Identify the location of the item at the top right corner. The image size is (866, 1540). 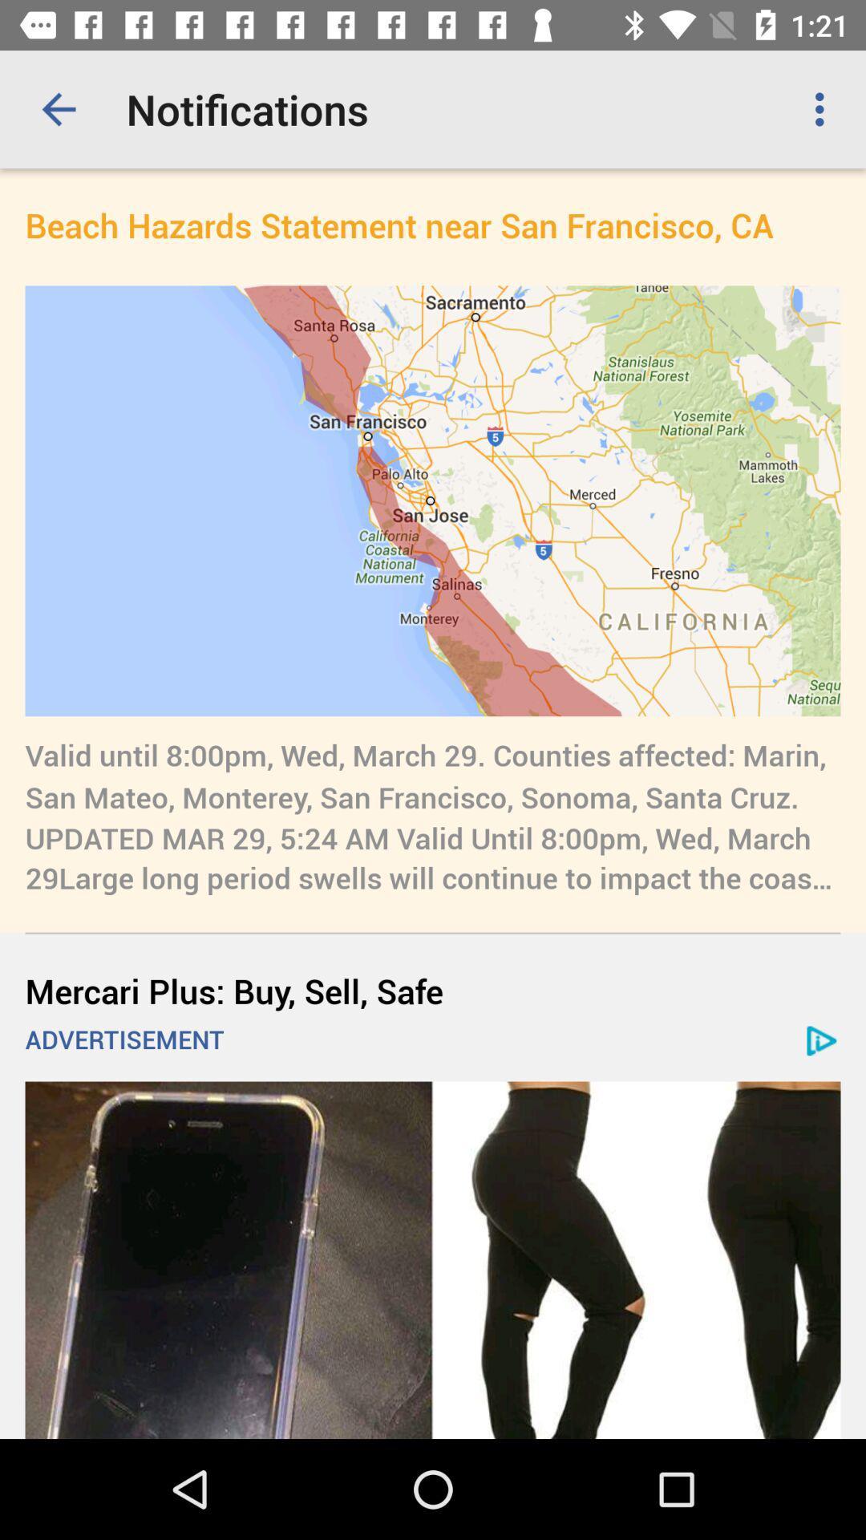
(824, 108).